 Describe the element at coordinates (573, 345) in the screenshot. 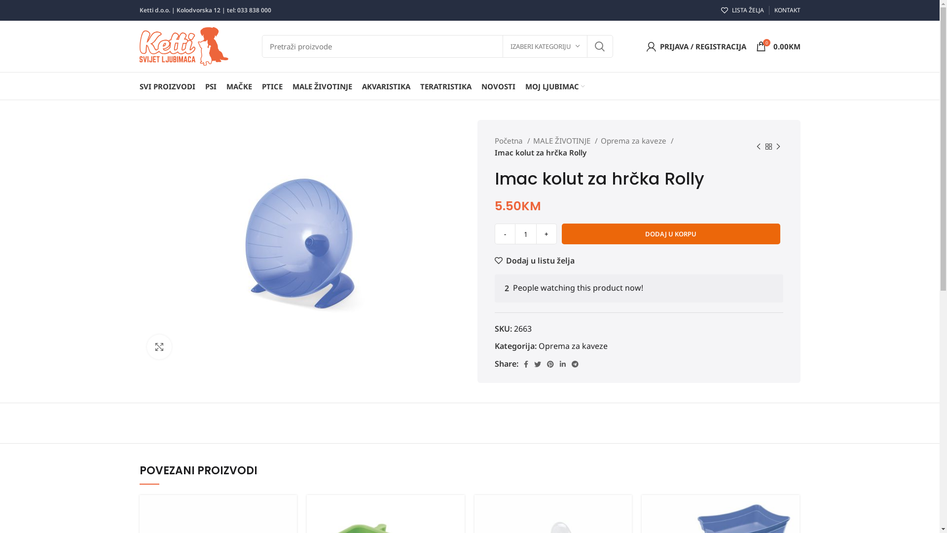

I see `'Oprema za kaveze'` at that location.